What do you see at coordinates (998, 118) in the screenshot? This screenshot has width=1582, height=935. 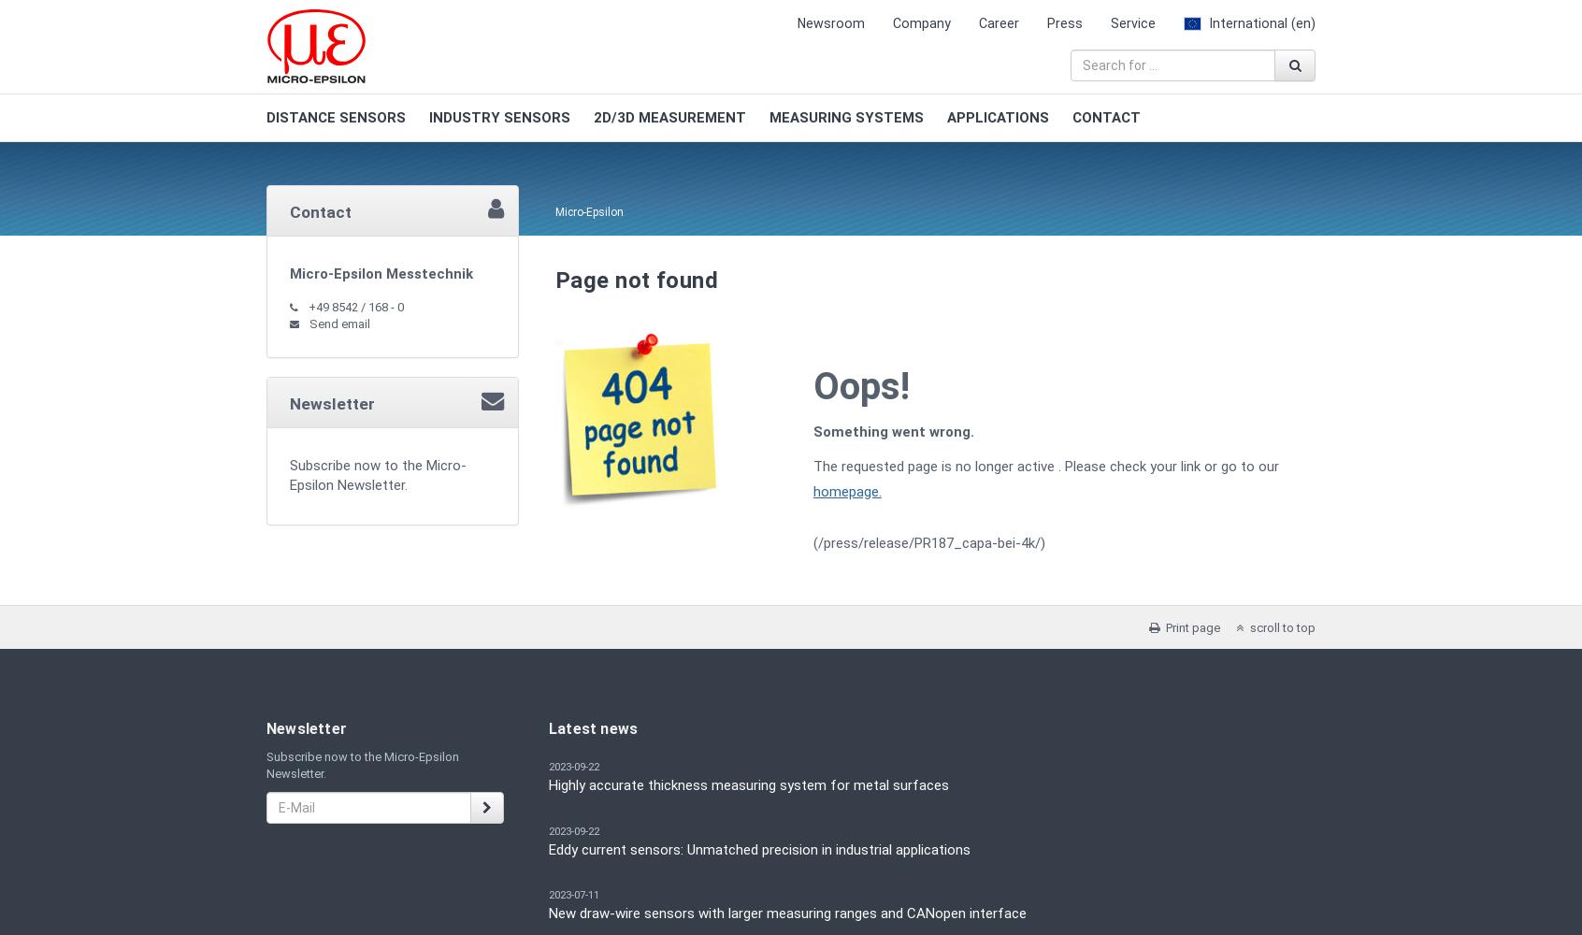 I see `'APPLICATIONS'` at bounding box center [998, 118].